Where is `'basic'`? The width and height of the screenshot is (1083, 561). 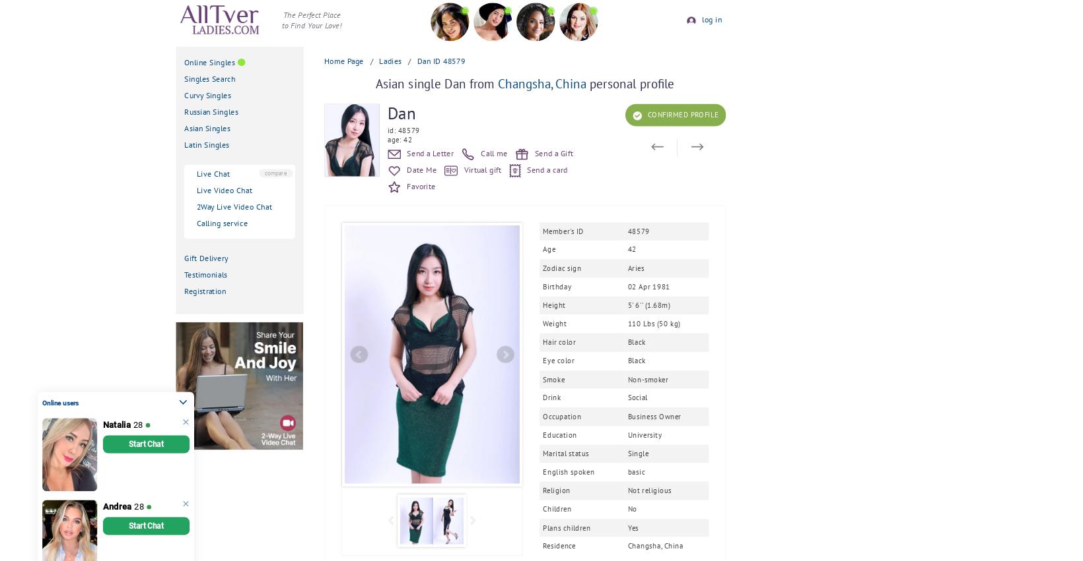 'basic' is located at coordinates (636, 471).